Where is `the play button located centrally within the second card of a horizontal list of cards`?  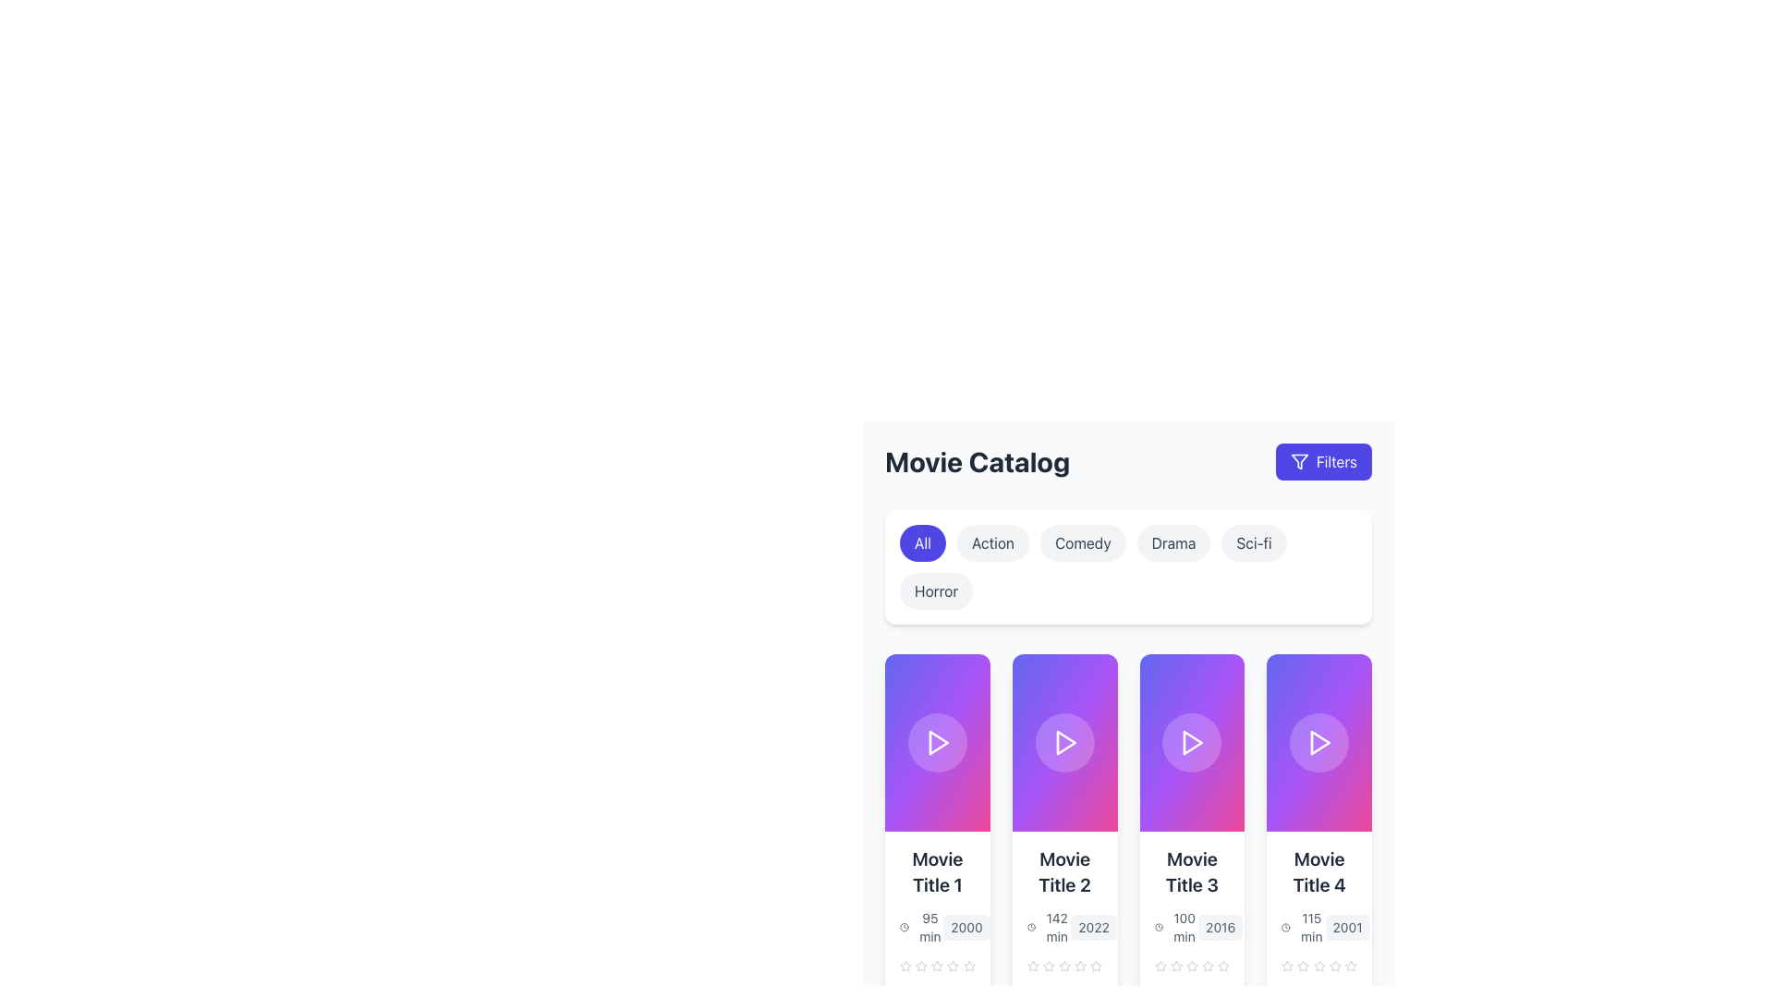 the play button located centrally within the second card of a horizontal list of cards is located at coordinates (1064, 741).